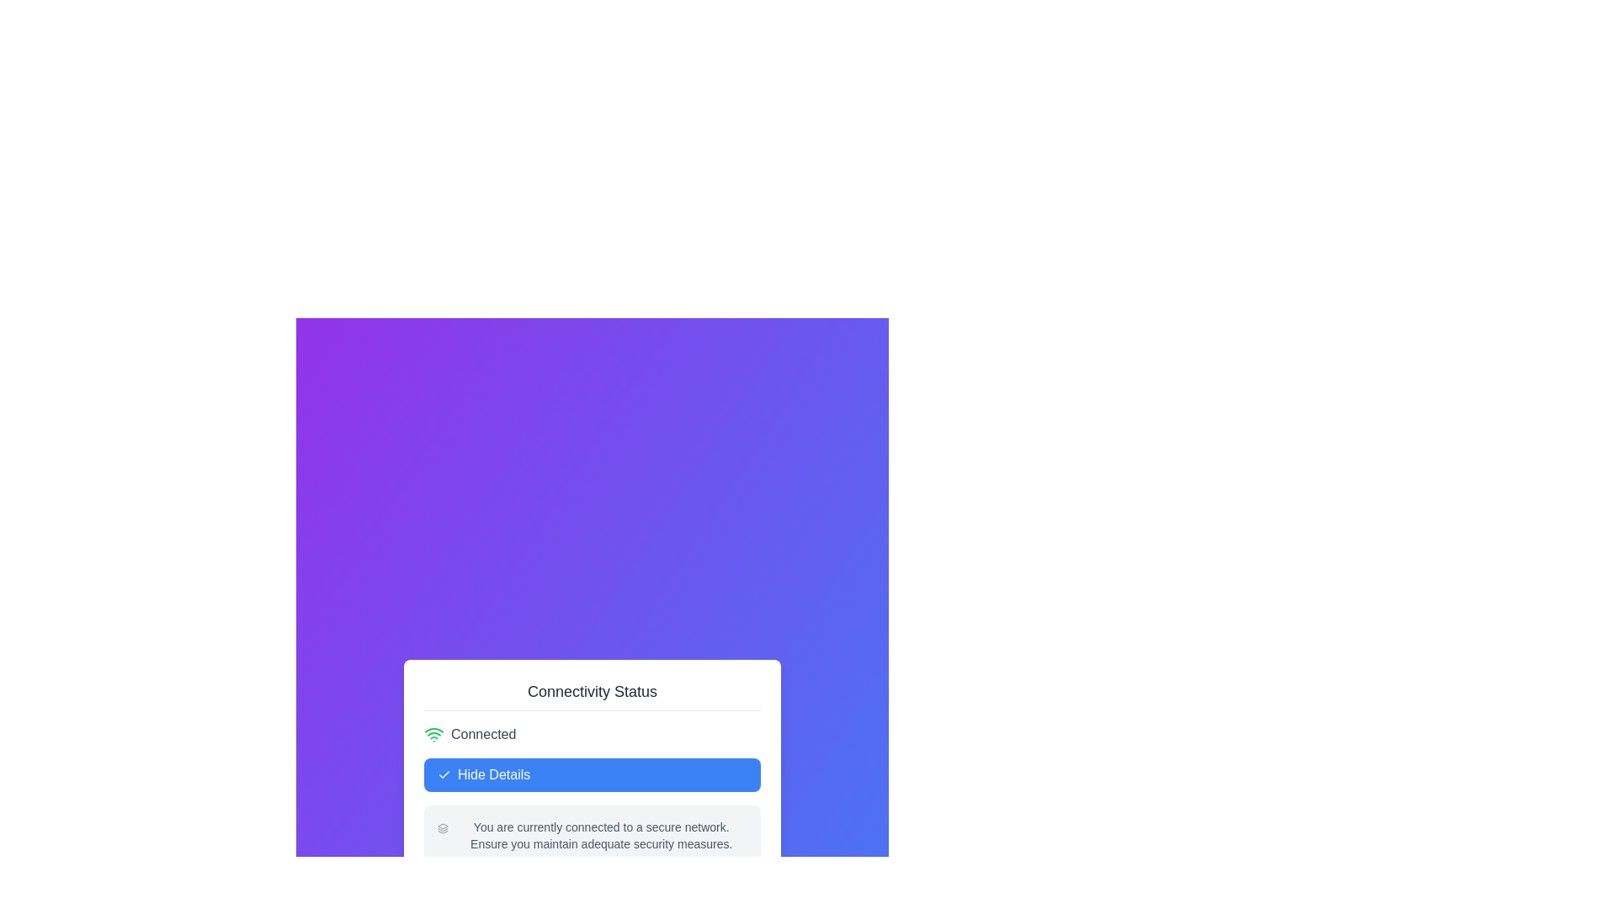 Image resolution: width=1616 pixels, height=909 pixels. Describe the element at coordinates (444, 774) in the screenshot. I see `the vector-based checkmark icon indicating confirmation or selection, located inside the 'Hide Details' button in the modal window under 'Connectivity Status'` at that location.